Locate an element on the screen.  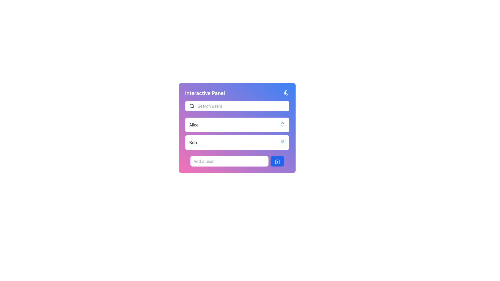
the user icon located on the right side of the panel labeled 'Alice', near the top-right corner of the panel is located at coordinates (282, 124).